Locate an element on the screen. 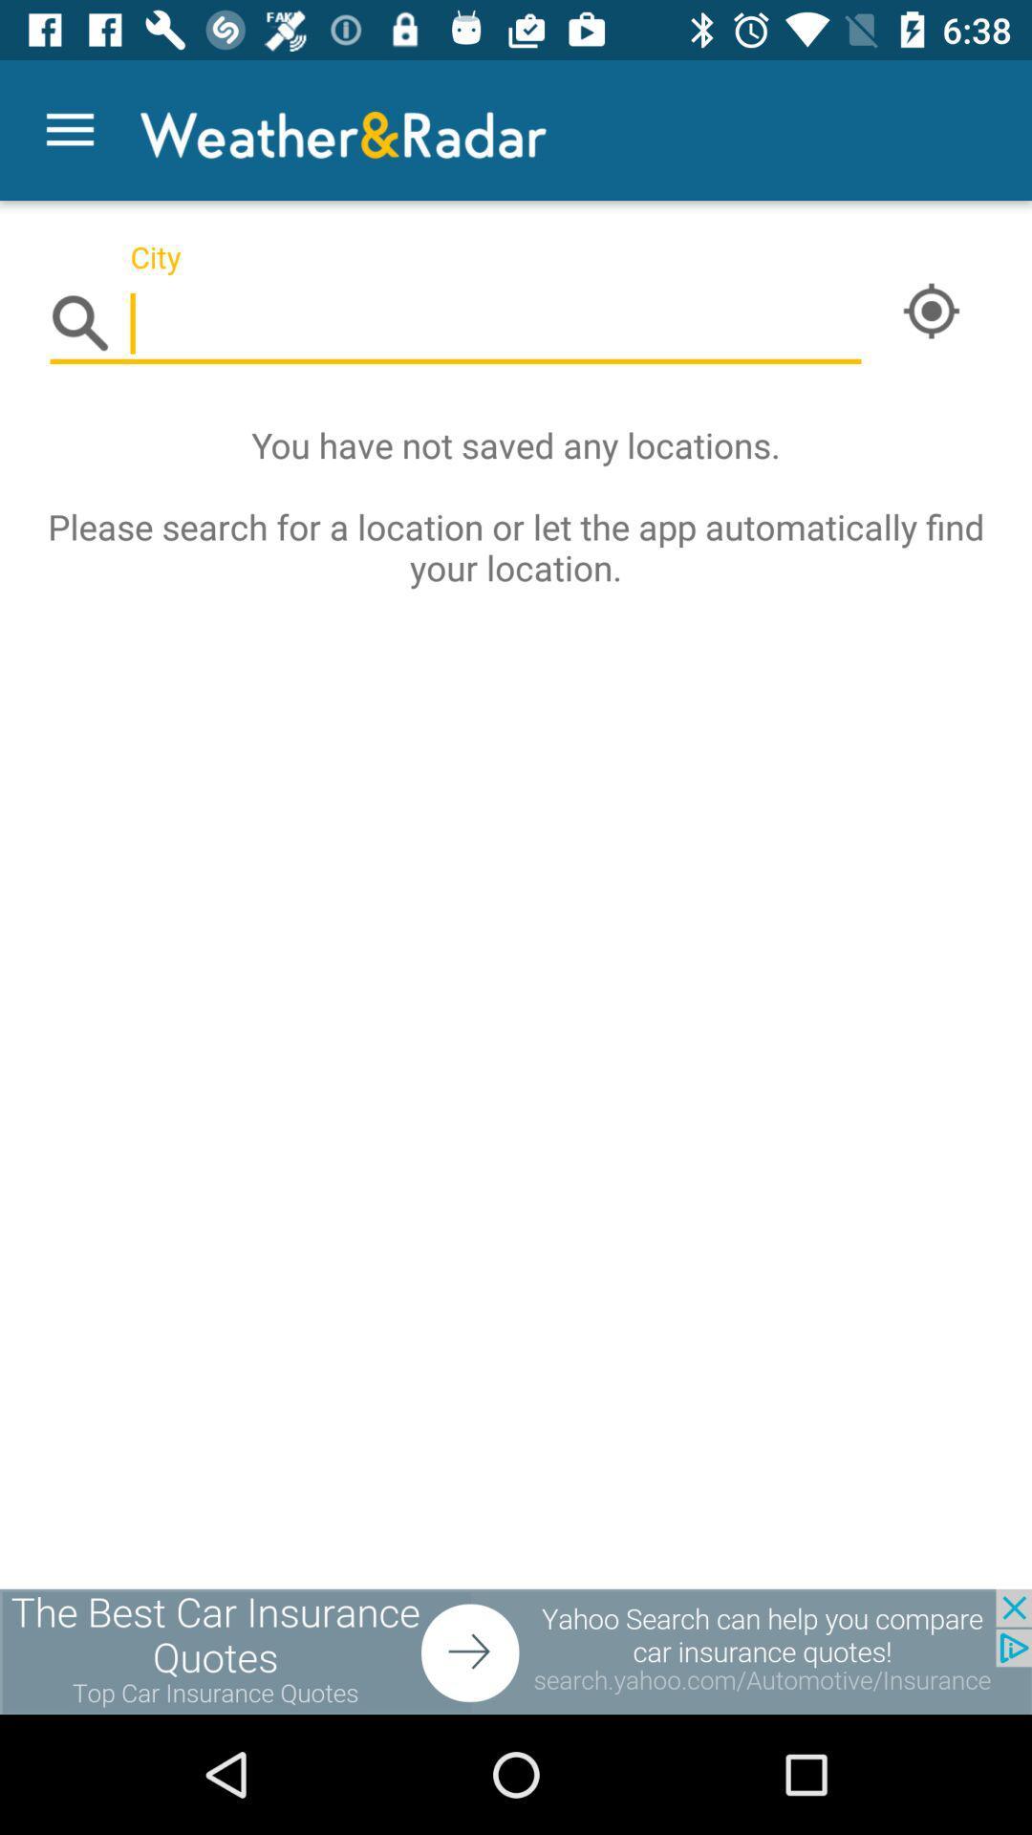 The height and width of the screenshot is (1835, 1032). search locations is located at coordinates (456, 324).